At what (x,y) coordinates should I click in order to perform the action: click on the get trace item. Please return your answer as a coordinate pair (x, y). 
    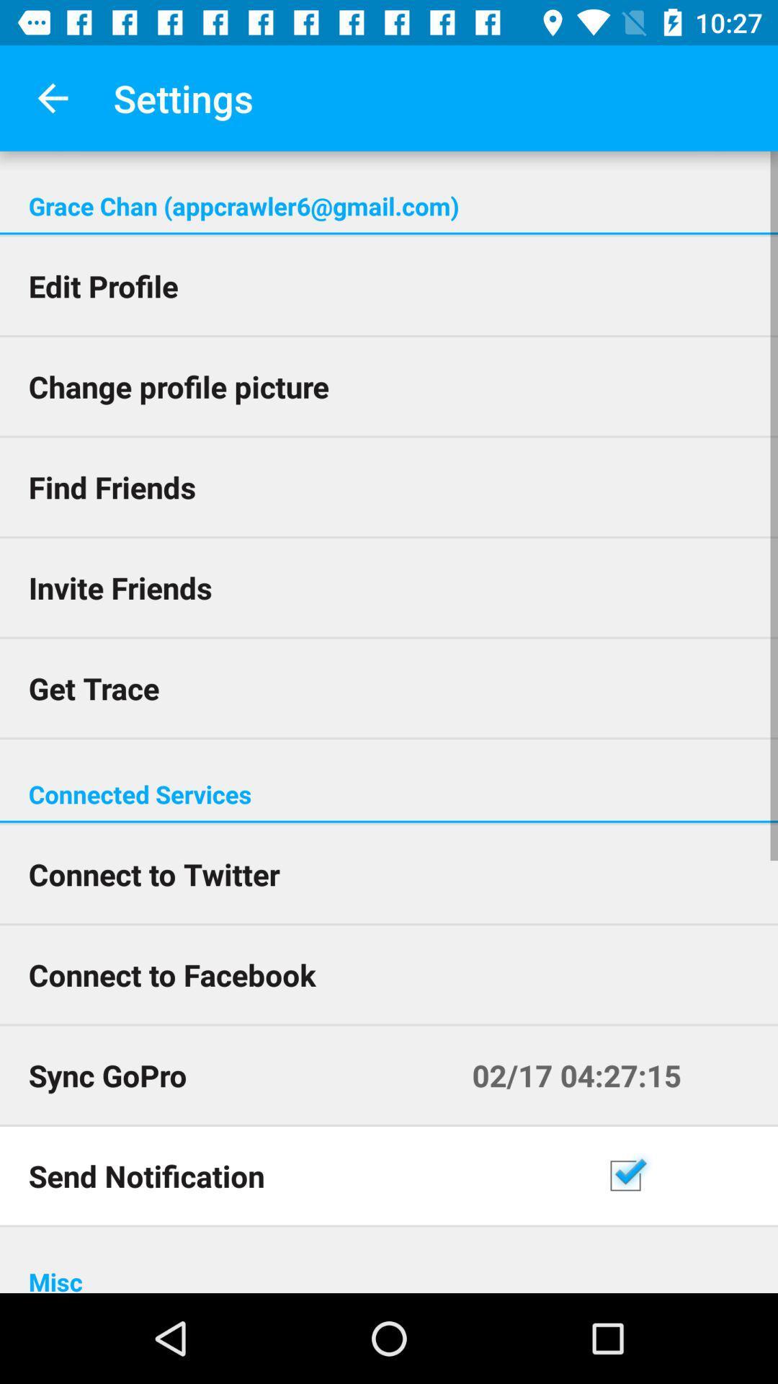
    Looking at the image, I should click on (389, 687).